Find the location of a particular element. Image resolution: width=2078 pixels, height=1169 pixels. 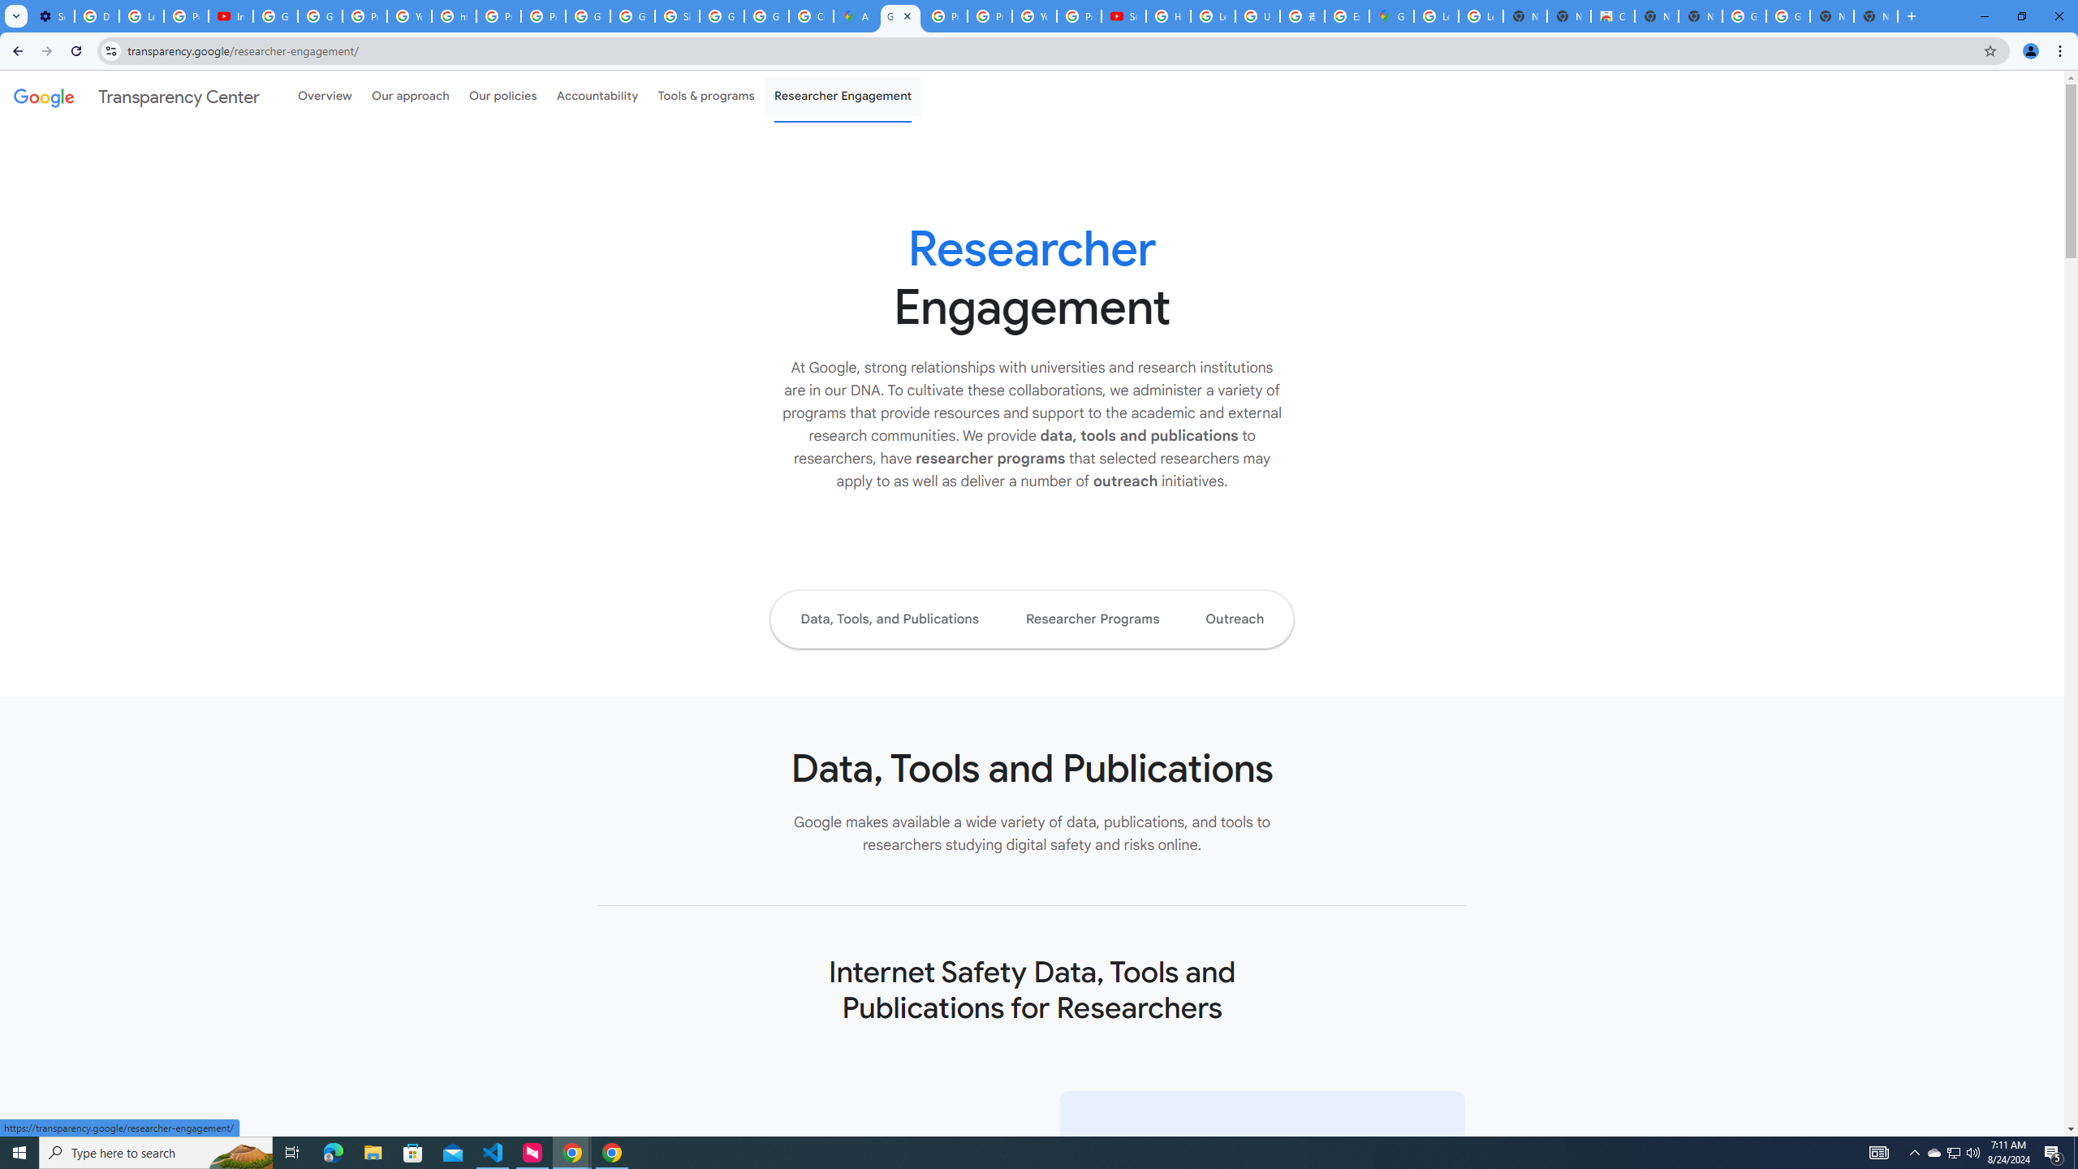

'Google Images' is located at coordinates (1744, 15).